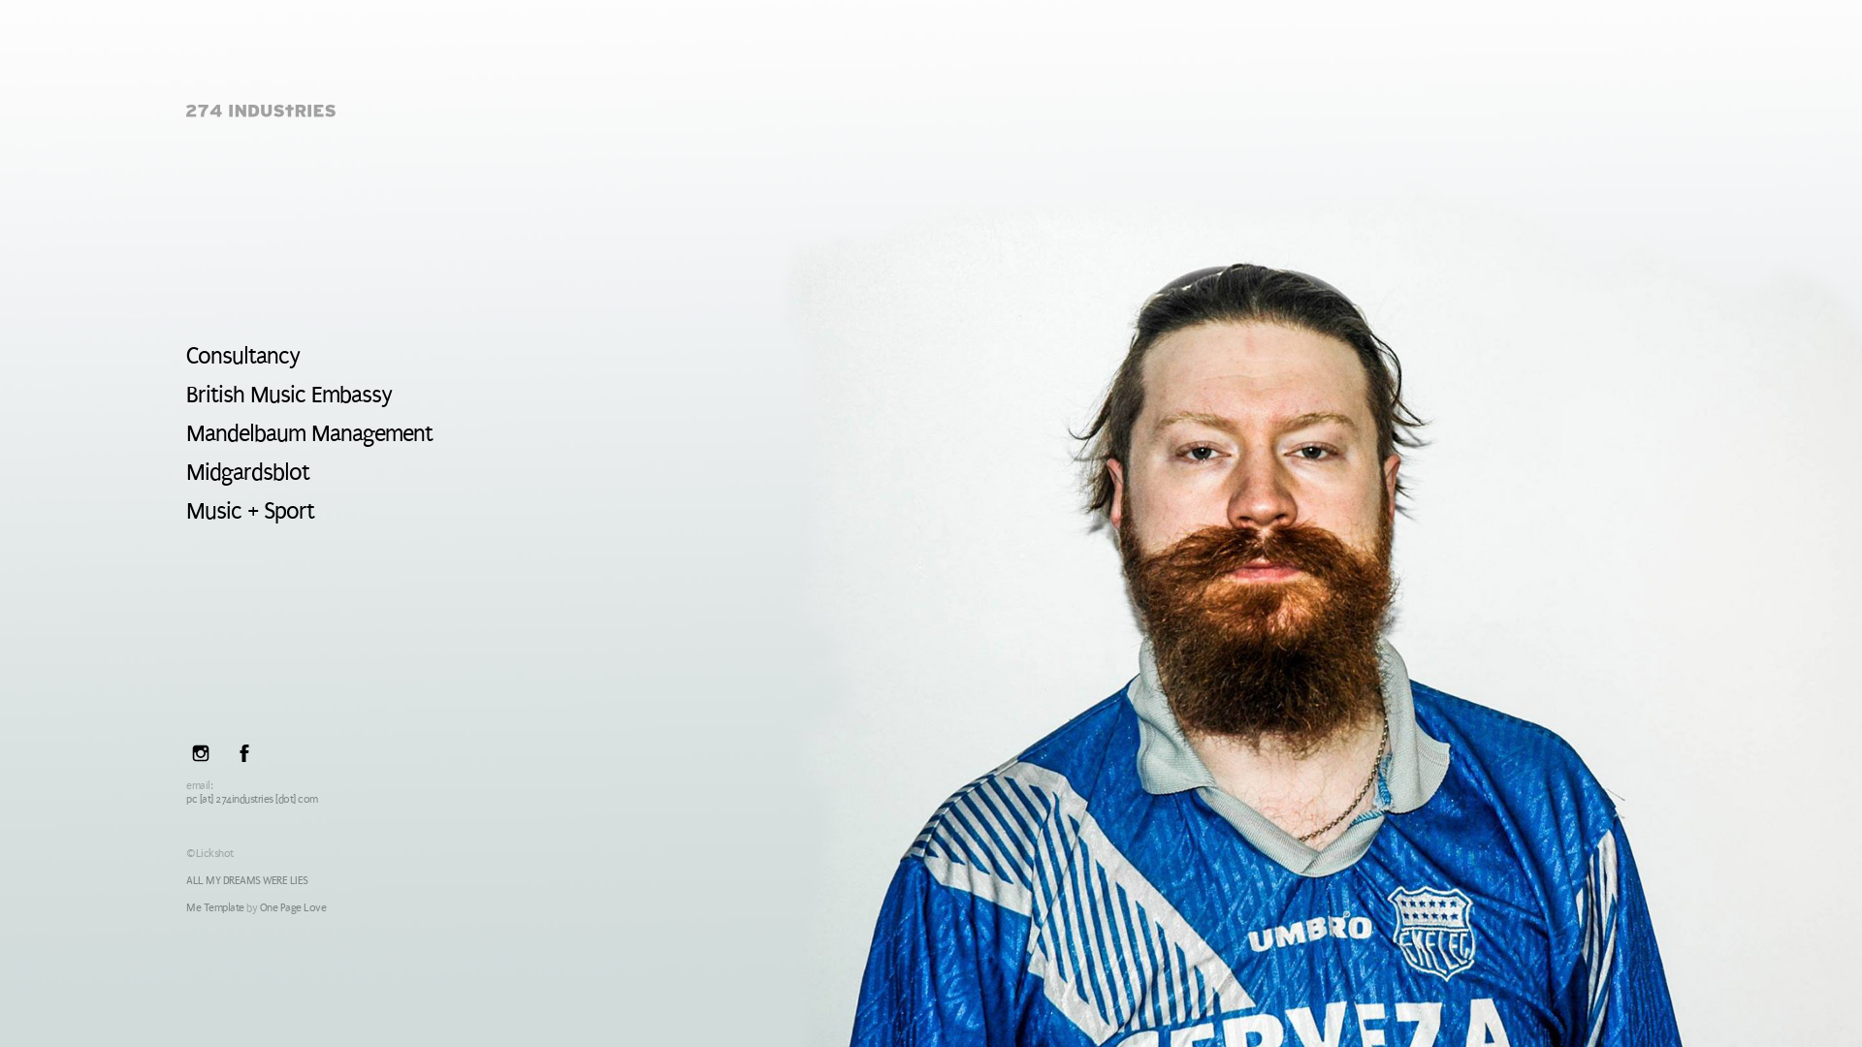  Describe the element at coordinates (250, 799) in the screenshot. I see `'pc [at] 274industries [dot] com'` at that location.